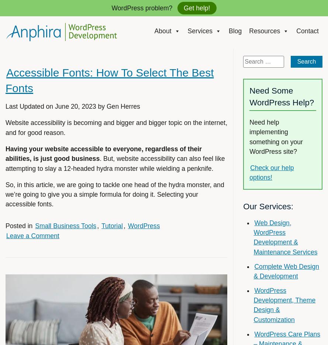 This screenshot has height=345, width=328. I want to click on 'Tools We Use', so click(268, 70).